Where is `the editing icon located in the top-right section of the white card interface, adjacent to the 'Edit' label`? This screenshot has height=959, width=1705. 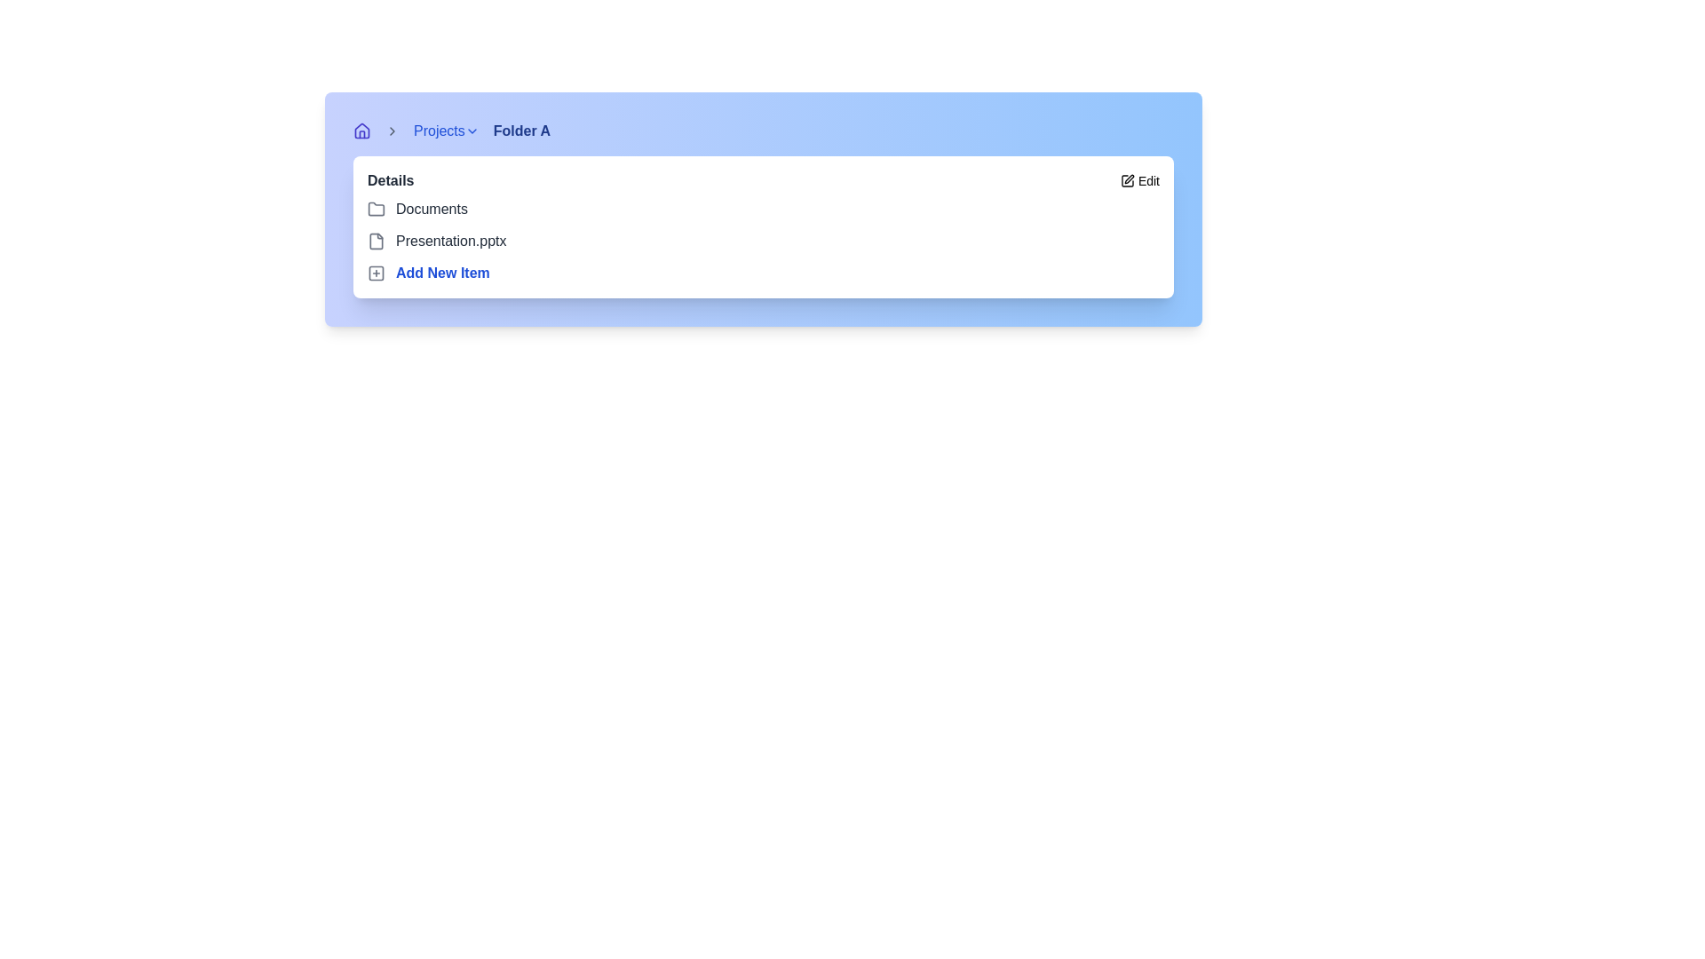
the editing icon located in the top-right section of the white card interface, adjacent to the 'Edit' label is located at coordinates (1128, 178).